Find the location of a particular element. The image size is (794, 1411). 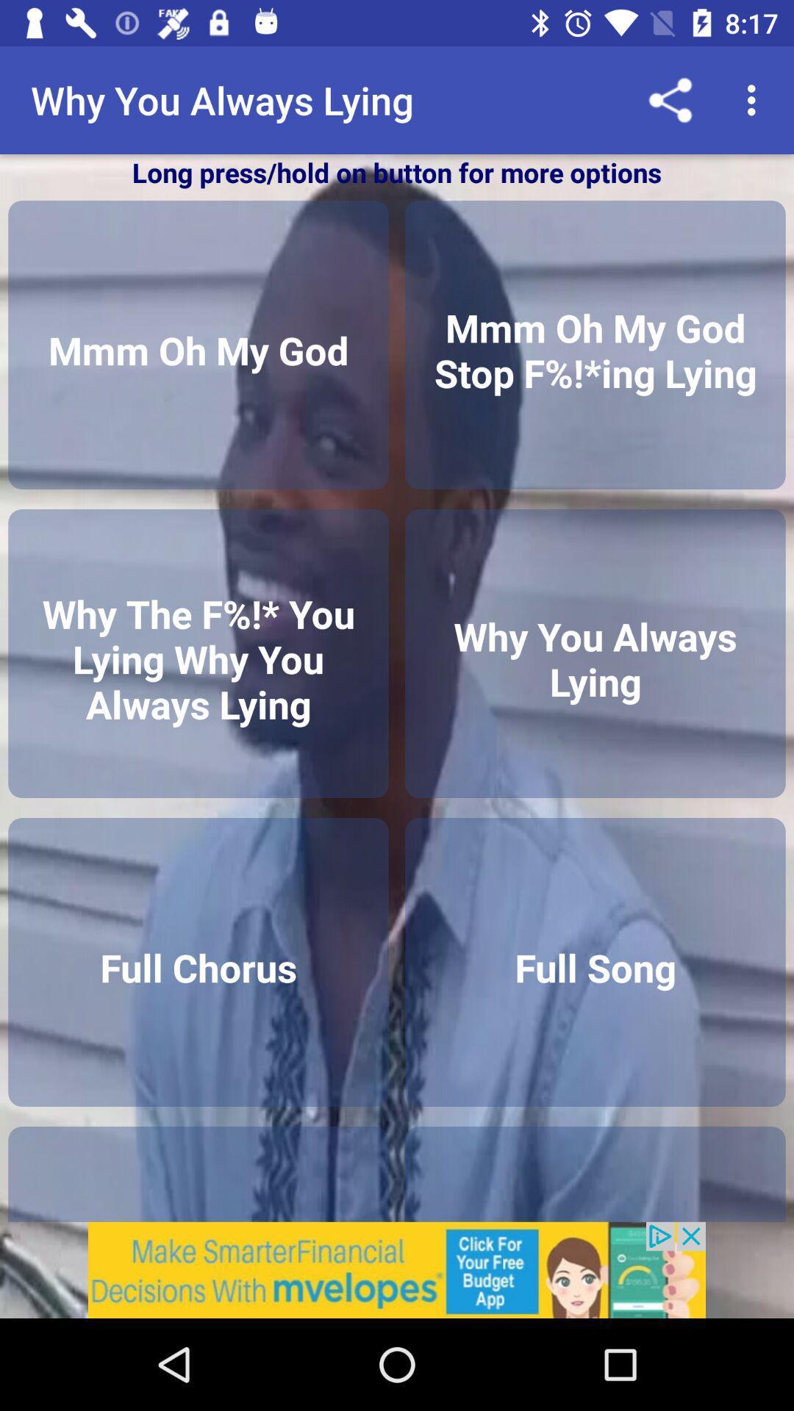

open advertisement panel is located at coordinates (397, 1269).